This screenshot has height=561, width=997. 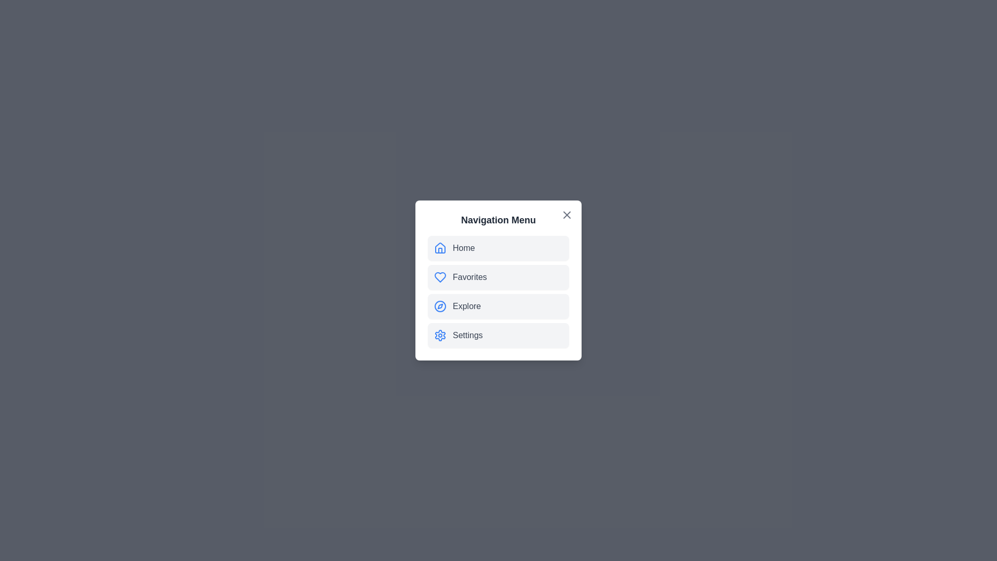 I want to click on the 'Explore' navigation item, so click(x=498, y=306).